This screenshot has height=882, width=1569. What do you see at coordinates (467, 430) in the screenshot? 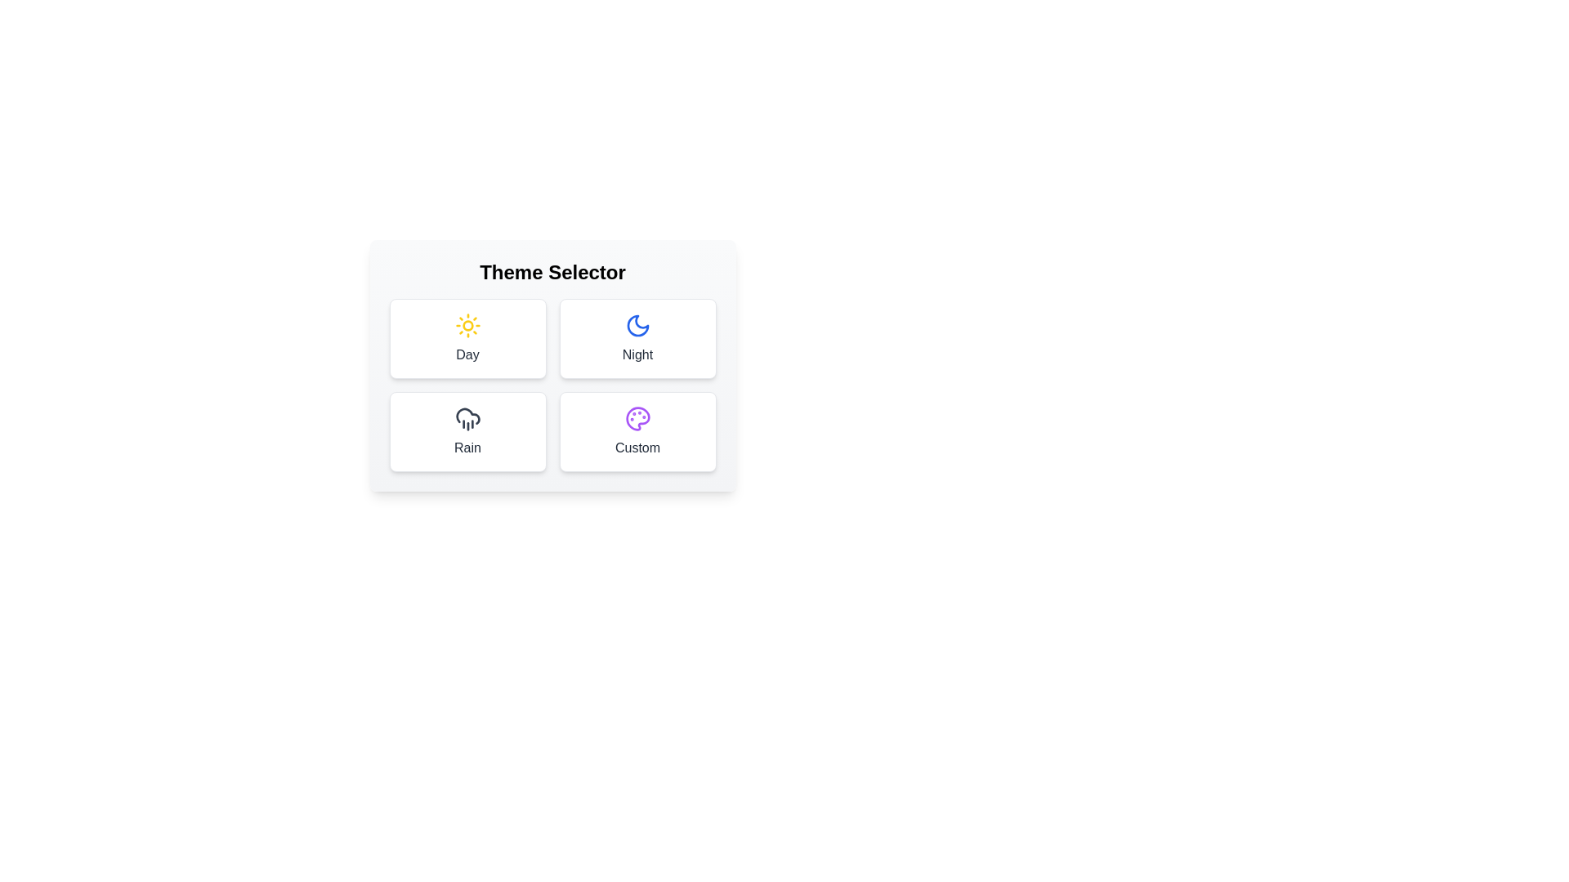
I see `the button corresponding to the Rain theme to select it` at bounding box center [467, 430].